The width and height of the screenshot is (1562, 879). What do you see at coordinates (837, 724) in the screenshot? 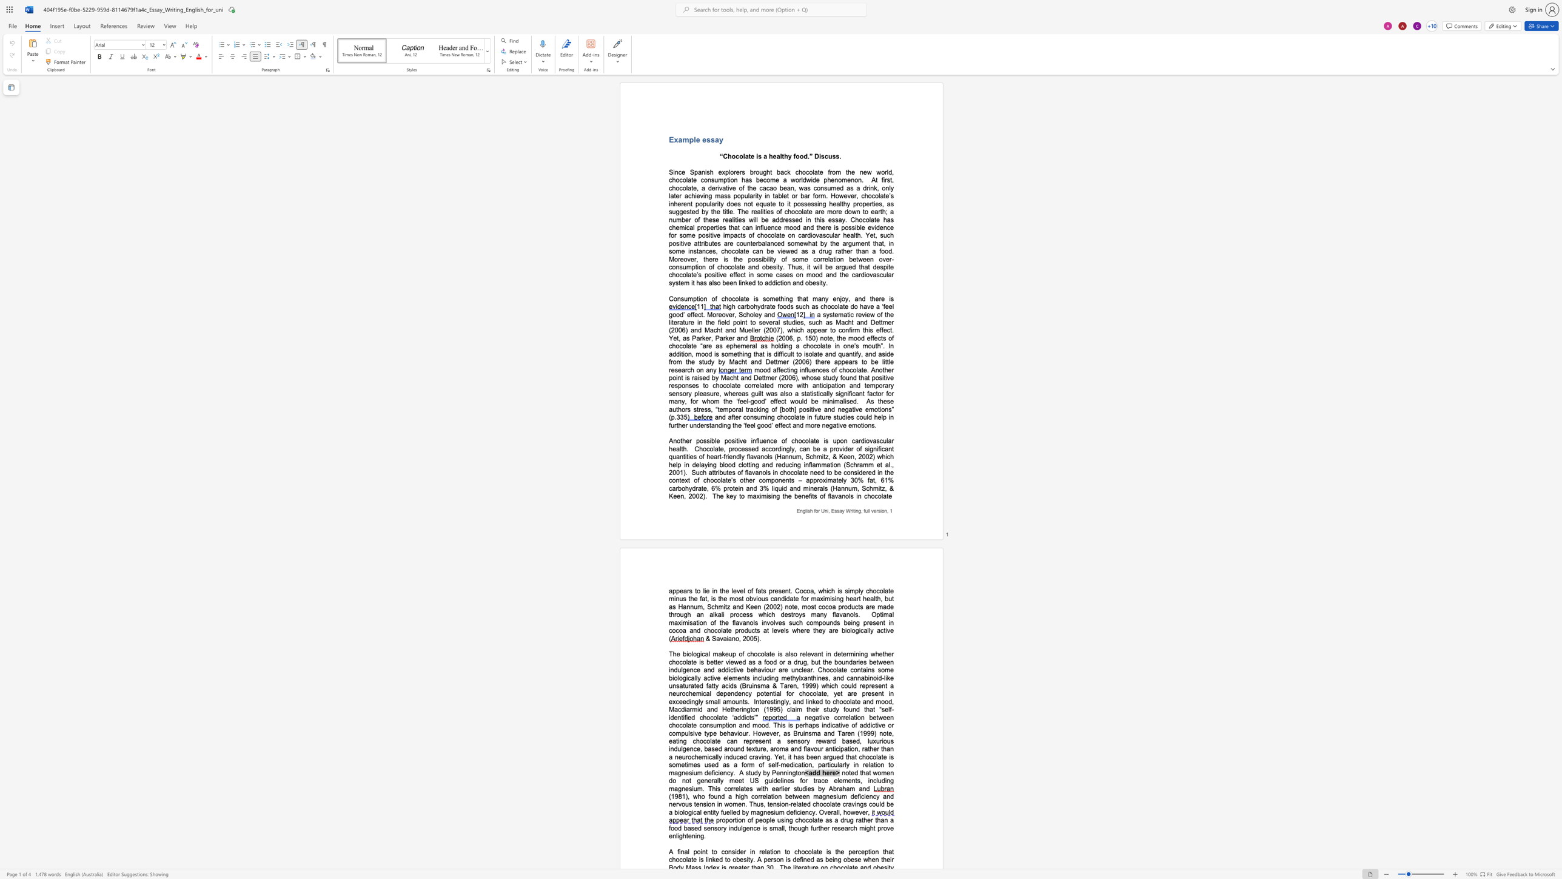
I see `the space between the continuous character "a" and "t" in the text` at bounding box center [837, 724].